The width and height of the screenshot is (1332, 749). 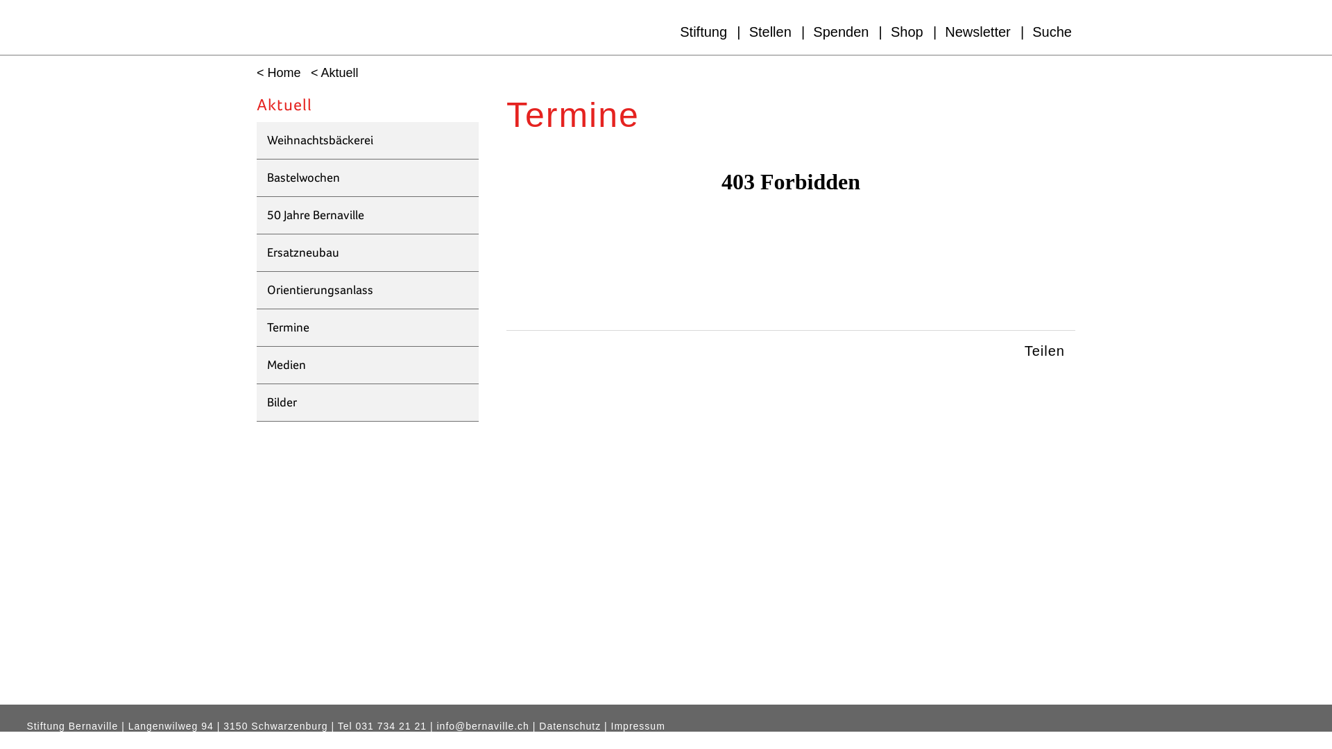 I want to click on 'Newsletter', so click(x=977, y=31).